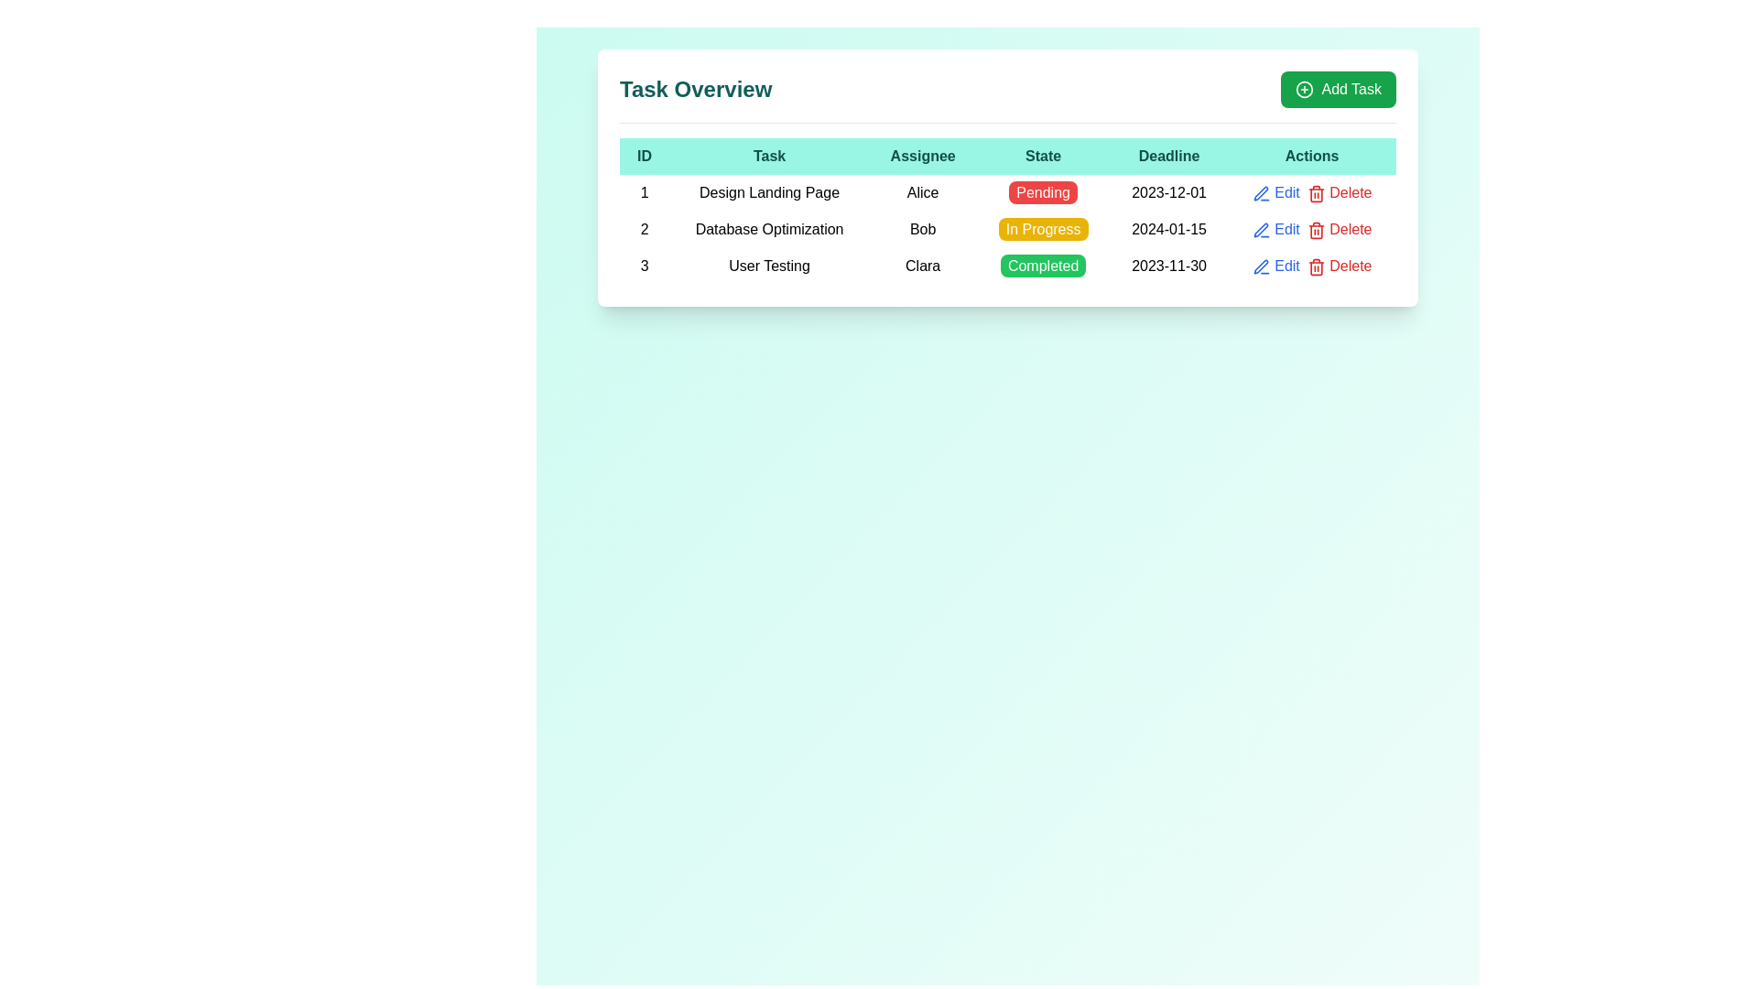 Image resolution: width=1758 pixels, height=989 pixels. What do you see at coordinates (1340, 228) in the screenshot?
I see `the 'Delete' button located` at bounding box center [1340, 228].